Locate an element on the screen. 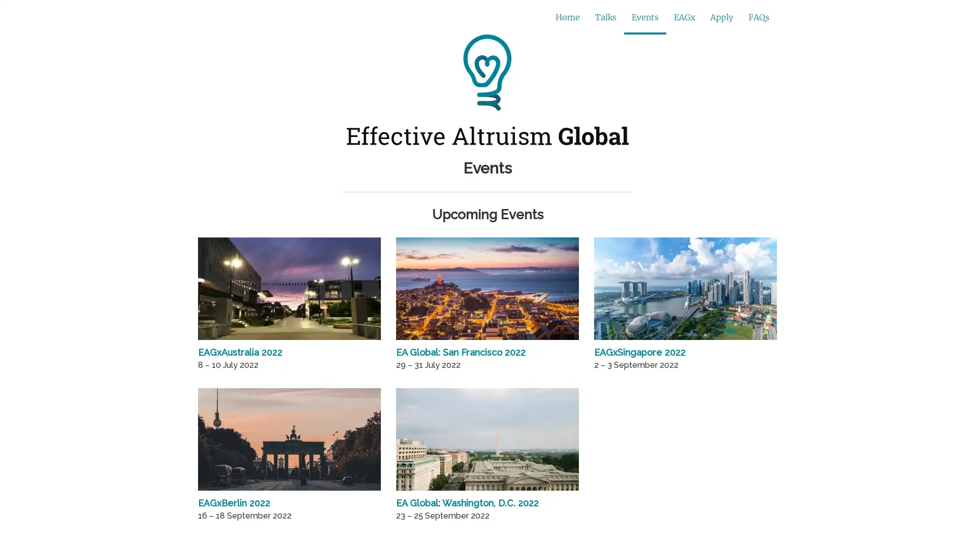 The width and height of the screenshot is (975, 548). Join is located at coordinates (665, 18).